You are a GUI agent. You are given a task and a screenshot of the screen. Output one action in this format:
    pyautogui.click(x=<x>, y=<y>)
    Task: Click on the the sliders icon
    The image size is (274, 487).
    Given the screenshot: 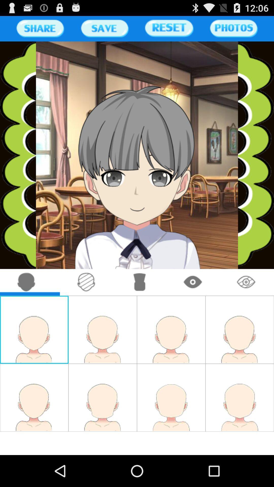 What is the action you would take?
    pyautogui.click(x=104, y=30)
    